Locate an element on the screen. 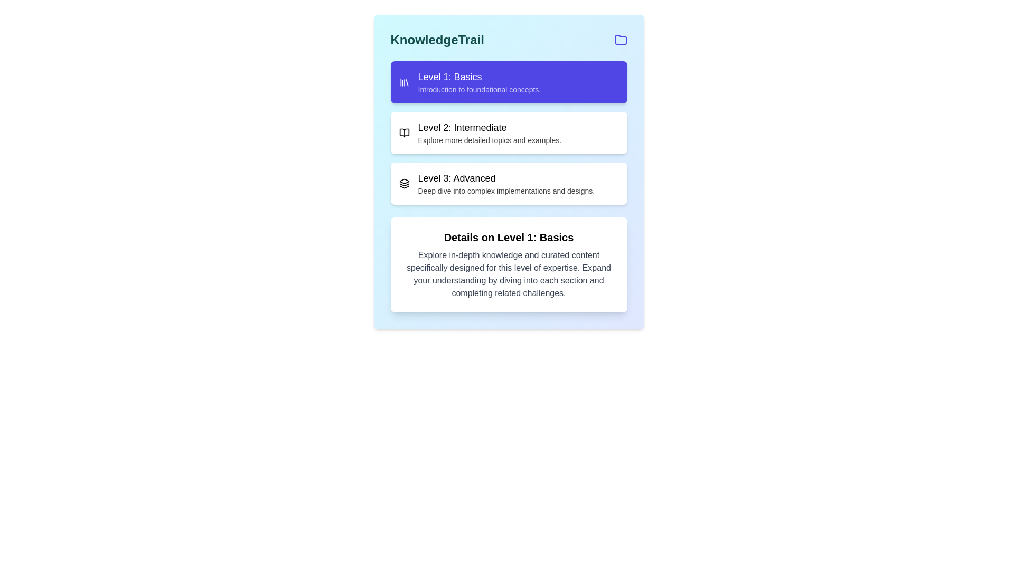  the library icon located to the left of the text 'Level 1: Basics' in the blue header section for visual cues is located at coordinates (403, 81).